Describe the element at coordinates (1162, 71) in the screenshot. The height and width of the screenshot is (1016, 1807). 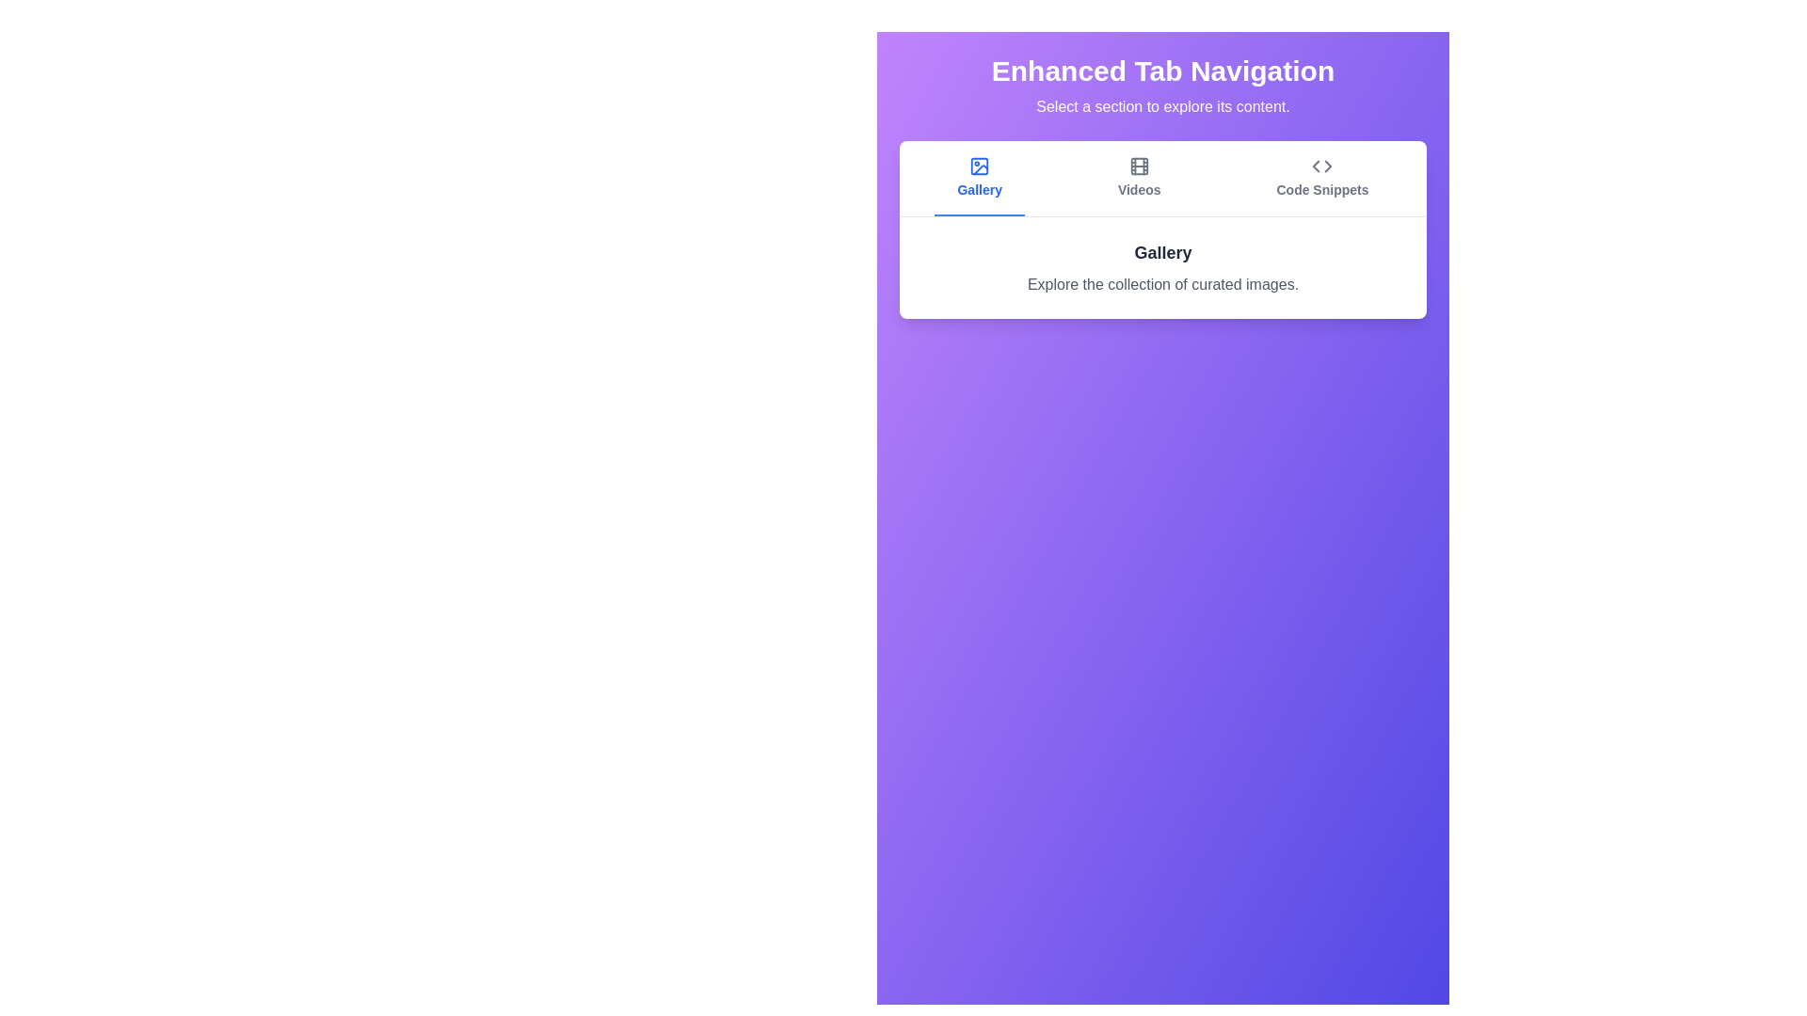
I see `the header text labeled 'Enhanced Tab Navigation'` at that location.